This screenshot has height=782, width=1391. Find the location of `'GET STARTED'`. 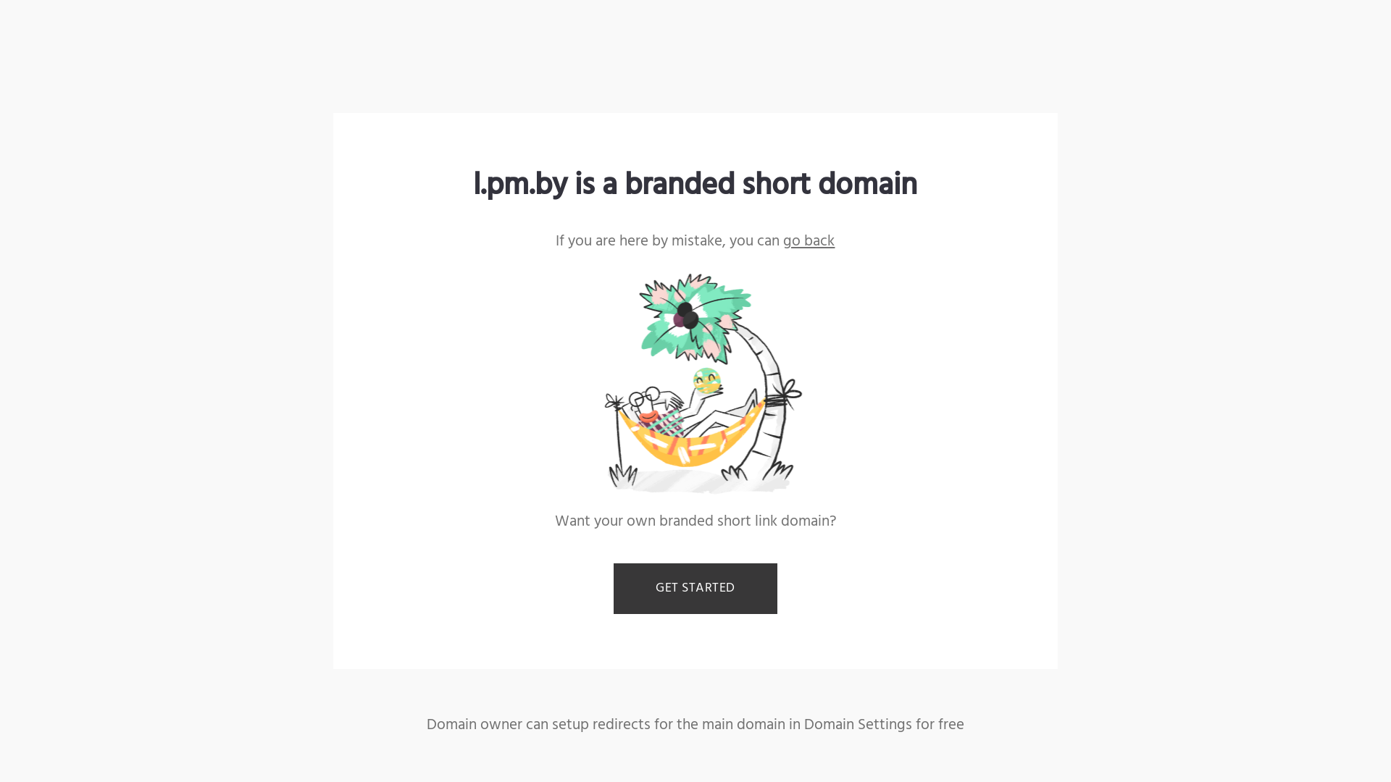

'GET STARTED' is located at coordinates (694, 589).